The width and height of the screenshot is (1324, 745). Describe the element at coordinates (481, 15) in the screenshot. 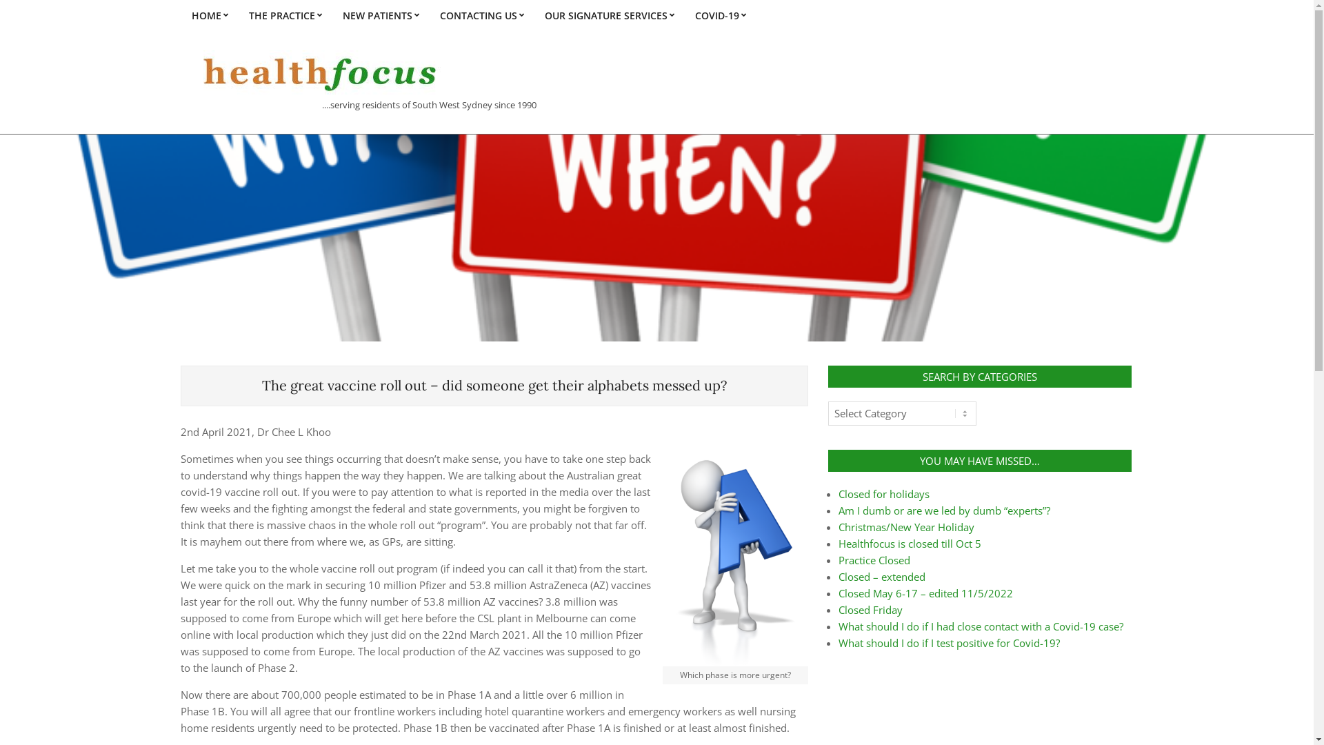

I see `'CONTACTING US'` at that location.